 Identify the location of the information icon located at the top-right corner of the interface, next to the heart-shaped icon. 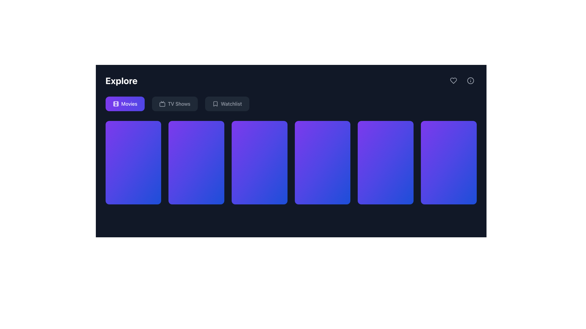
(470, 80).